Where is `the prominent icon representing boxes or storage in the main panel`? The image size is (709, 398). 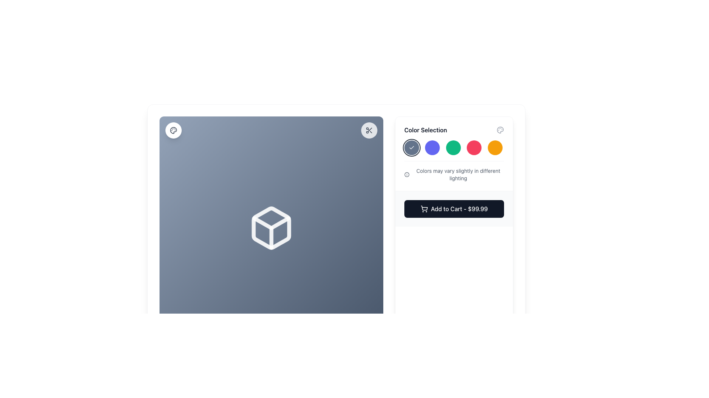 the prominent icon representing boxes or storage in the main panel is located at coordinates (271, 227).